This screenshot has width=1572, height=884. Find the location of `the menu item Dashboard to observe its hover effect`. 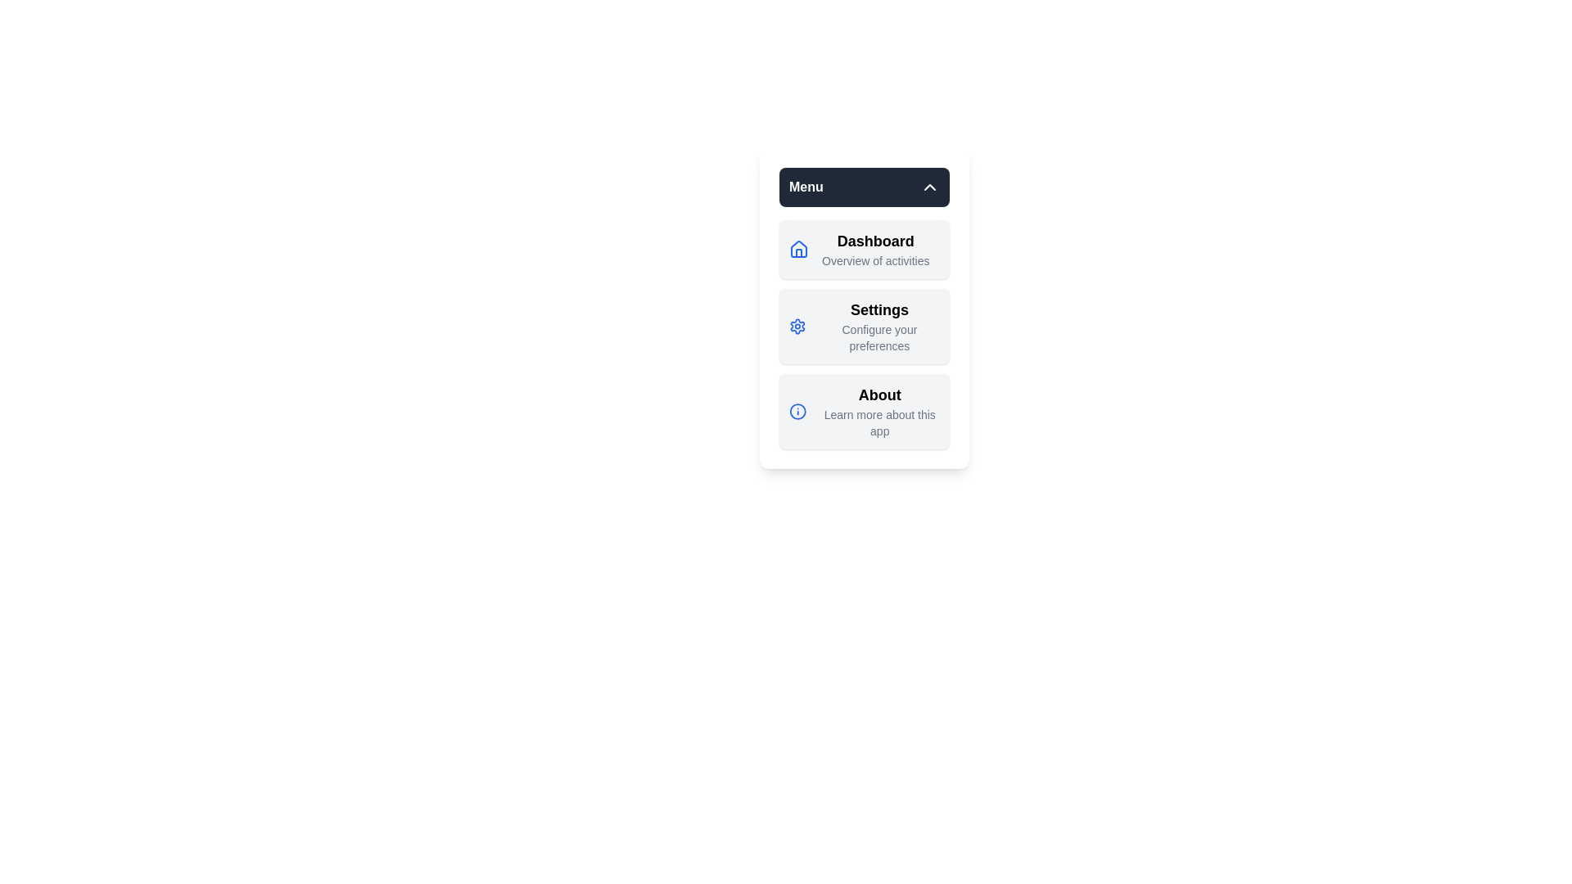

the menu item Dashboard to observe its hover effect is located at coordinates (864, 249).